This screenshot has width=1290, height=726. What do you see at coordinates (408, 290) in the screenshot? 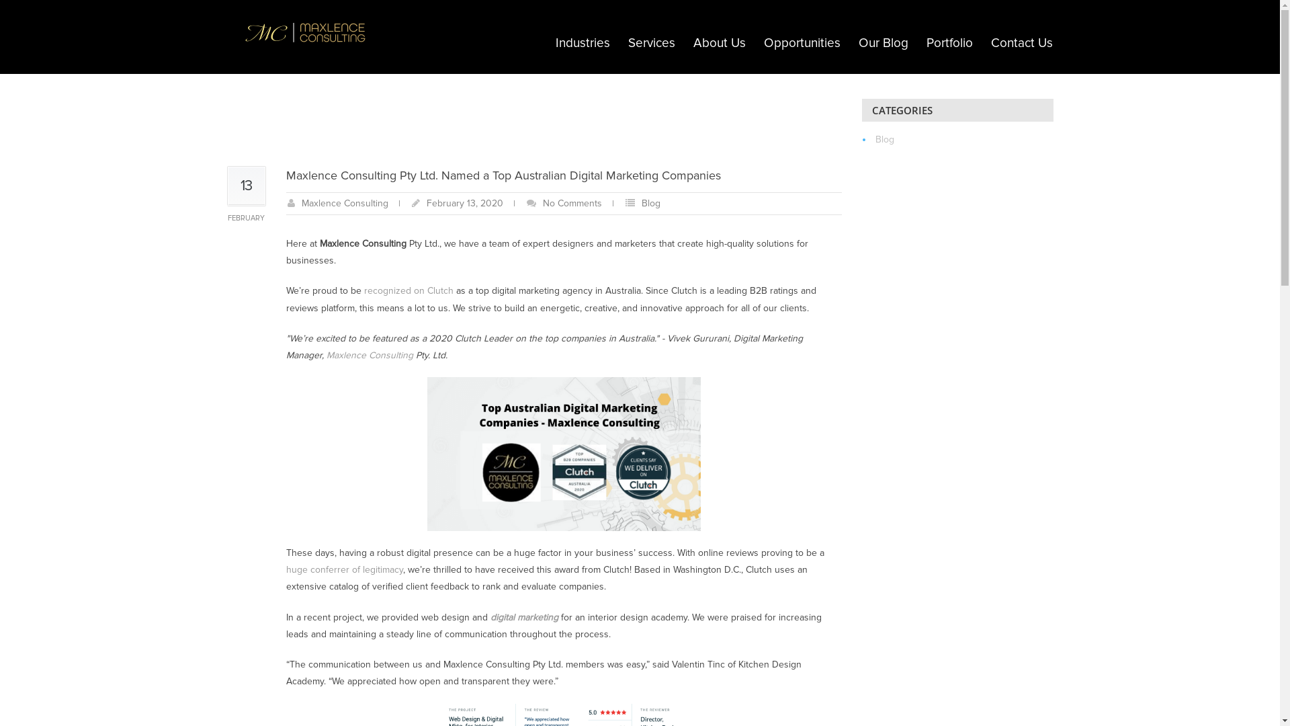
I see `'recognized on Clutch'` at bounding box center [408, 290].